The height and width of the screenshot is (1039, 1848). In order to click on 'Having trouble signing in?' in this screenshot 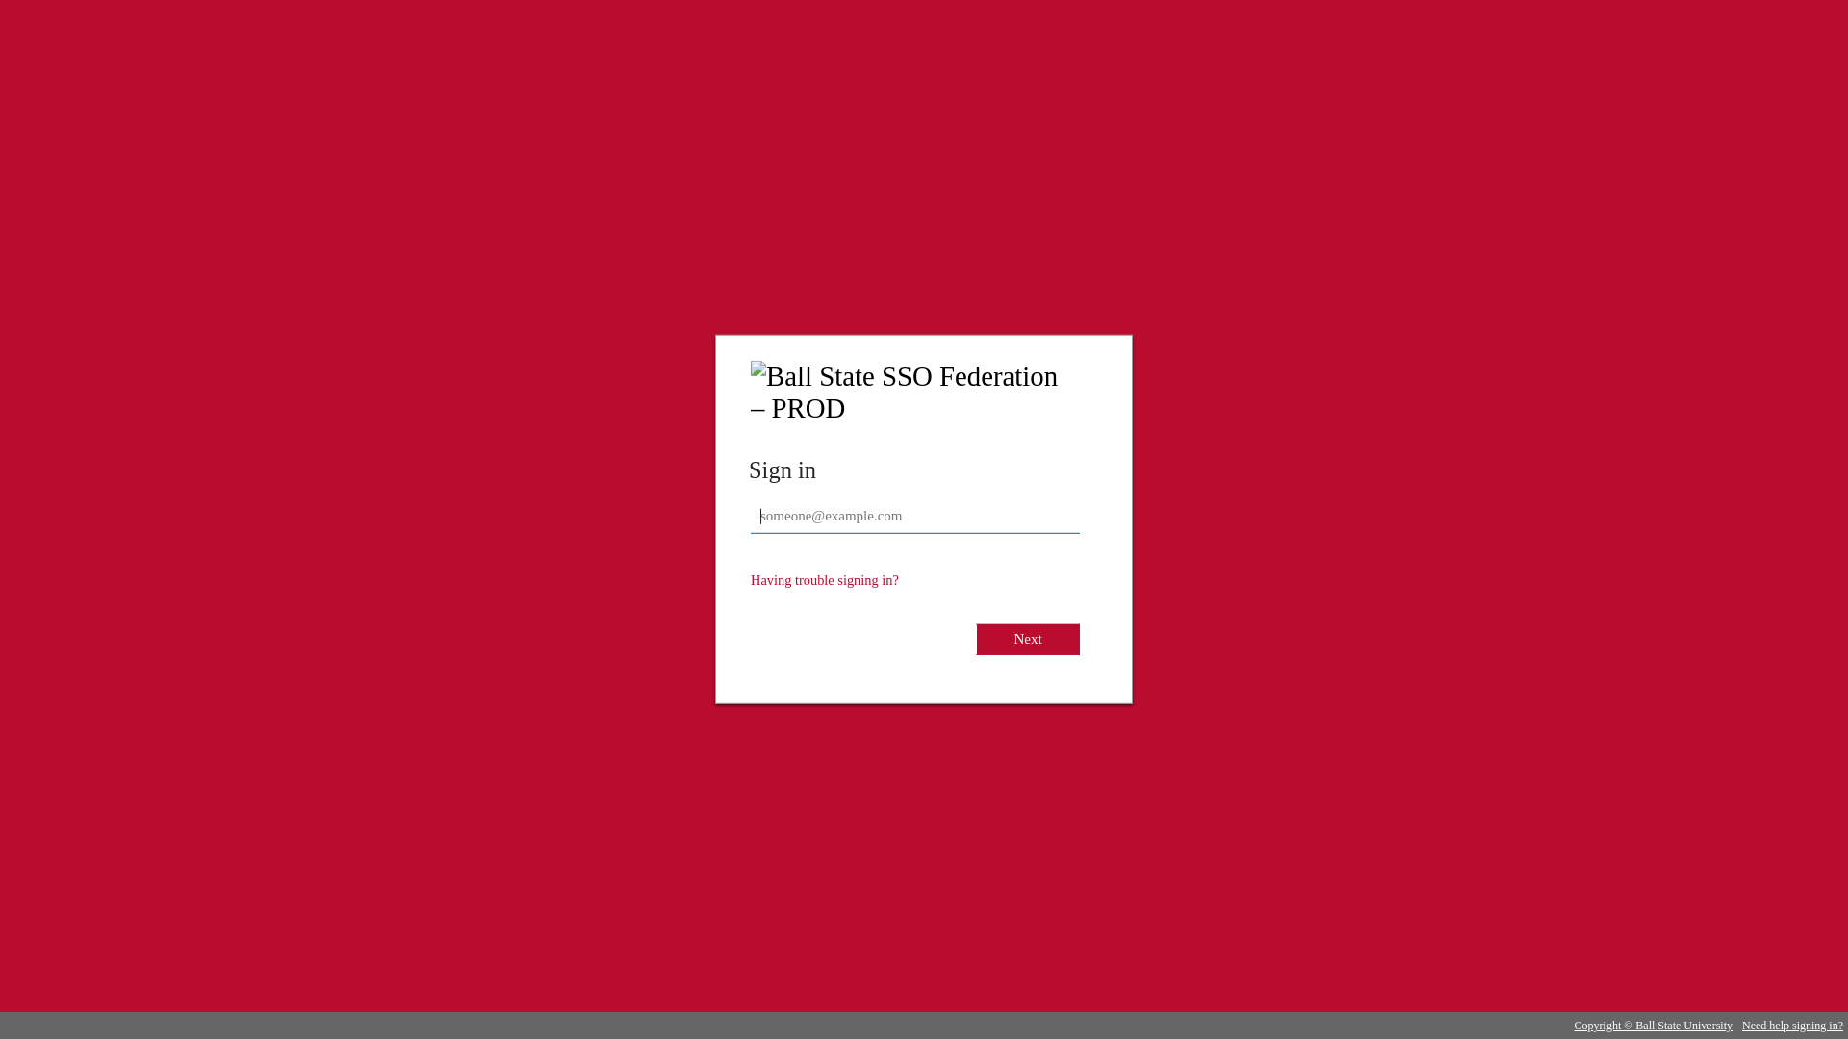, I will do `click(825, 578)`.